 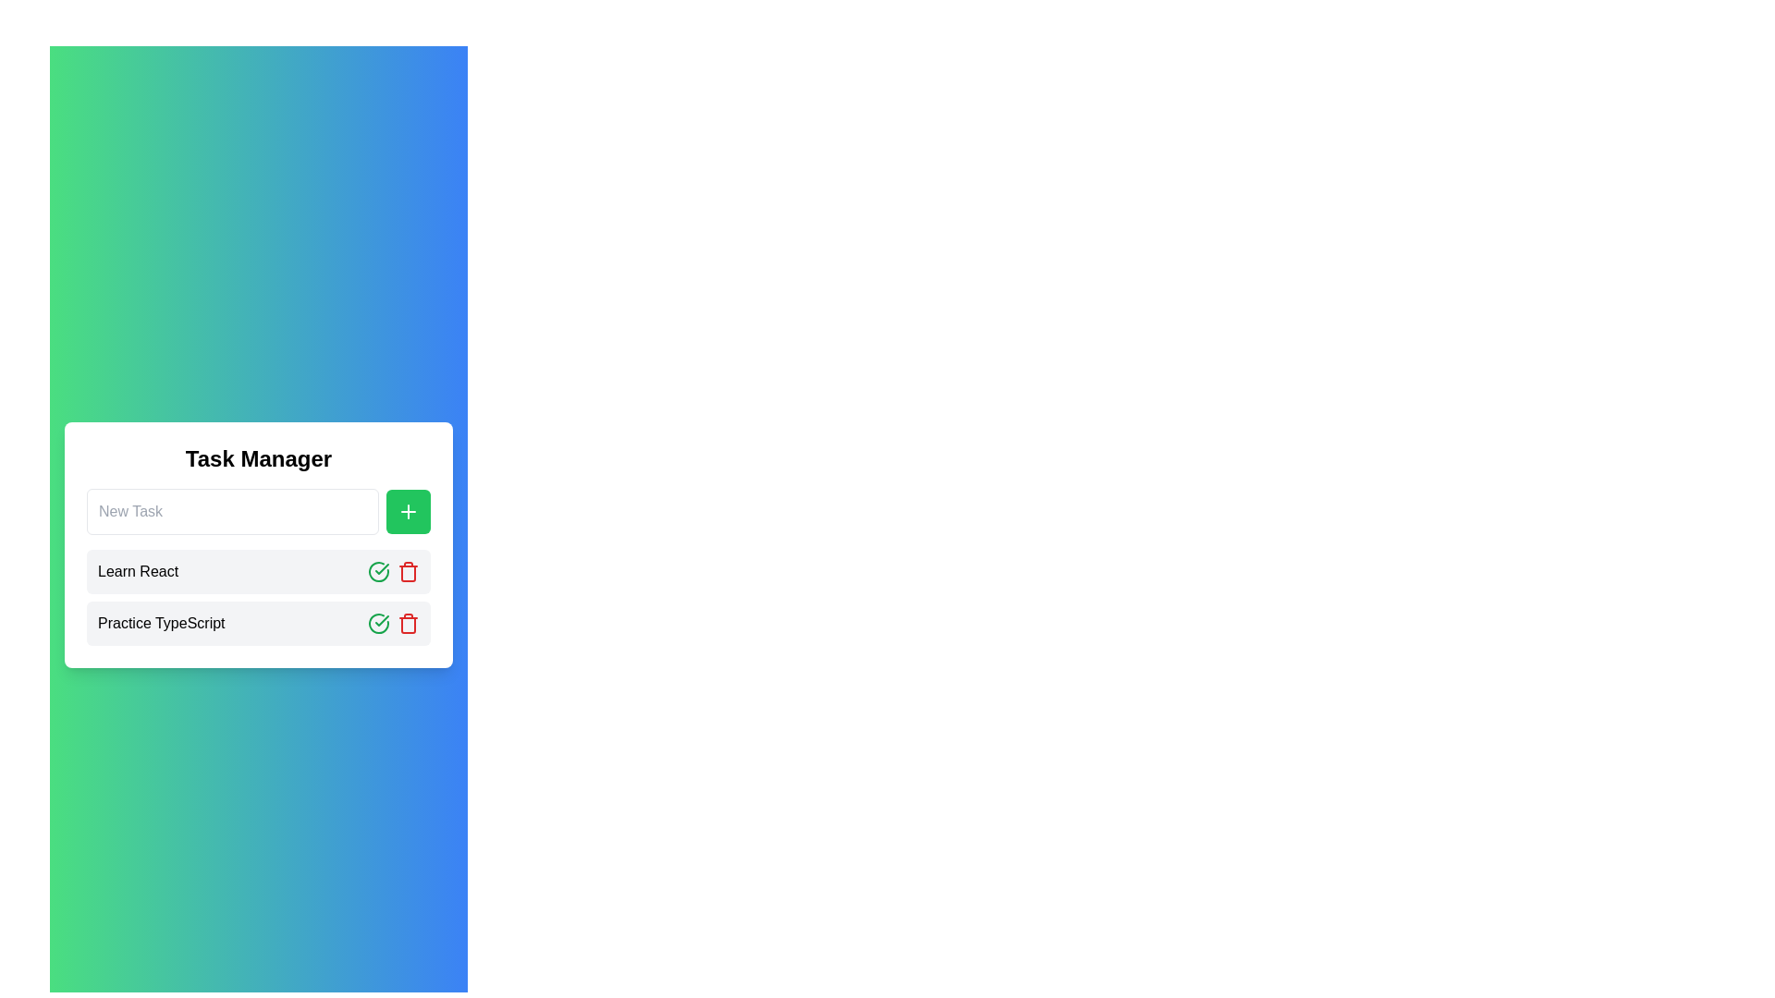 I want to click on the completion icon button located in the bottom right corner of the 'Practice TypeScript' task row, so click(x=377, y=570).